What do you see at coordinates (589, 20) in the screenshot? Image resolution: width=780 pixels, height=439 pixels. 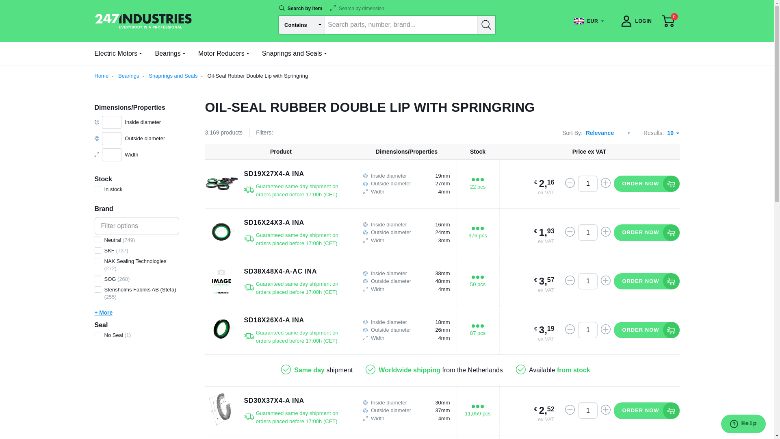 I see `'EUR'` at bounding box center [589, 20].